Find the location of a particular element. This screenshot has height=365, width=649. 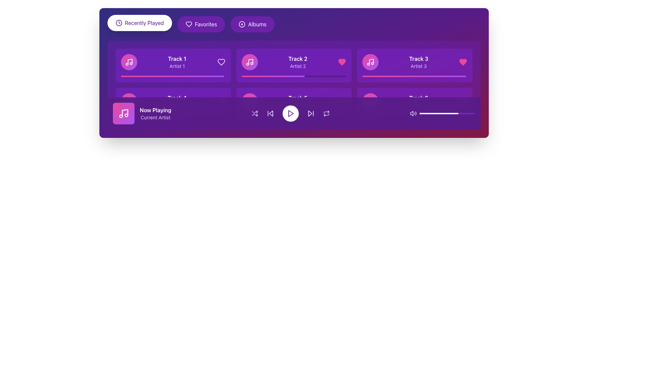

the playback control buttons in the music playback section, which features a prominent 'Now Playing' label on a purple background is located at coordinates (294, 113).